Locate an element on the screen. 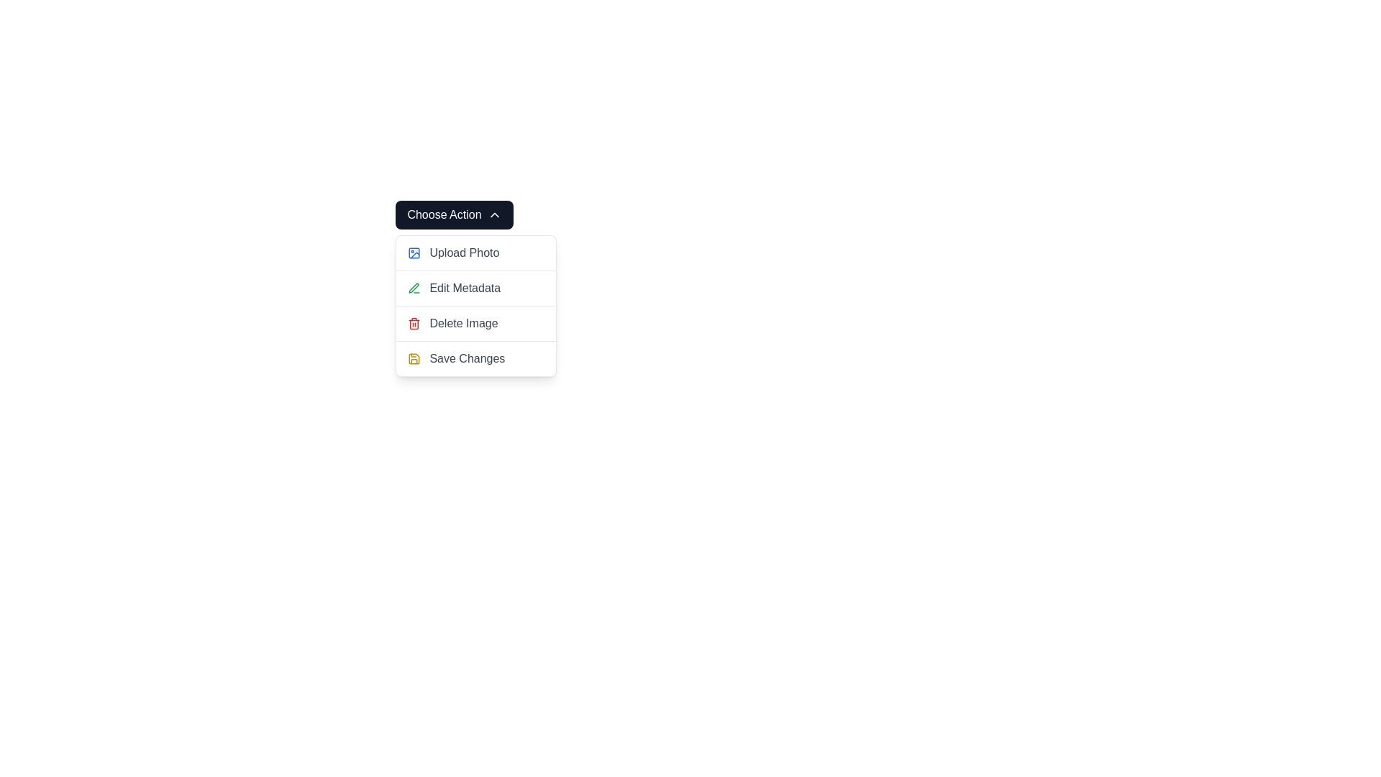  the 'Save Changes' button, which is the fourth item in a dropdown menu, featuring a yellow floppy disk icon to its left is located at coordinates (467, 358).